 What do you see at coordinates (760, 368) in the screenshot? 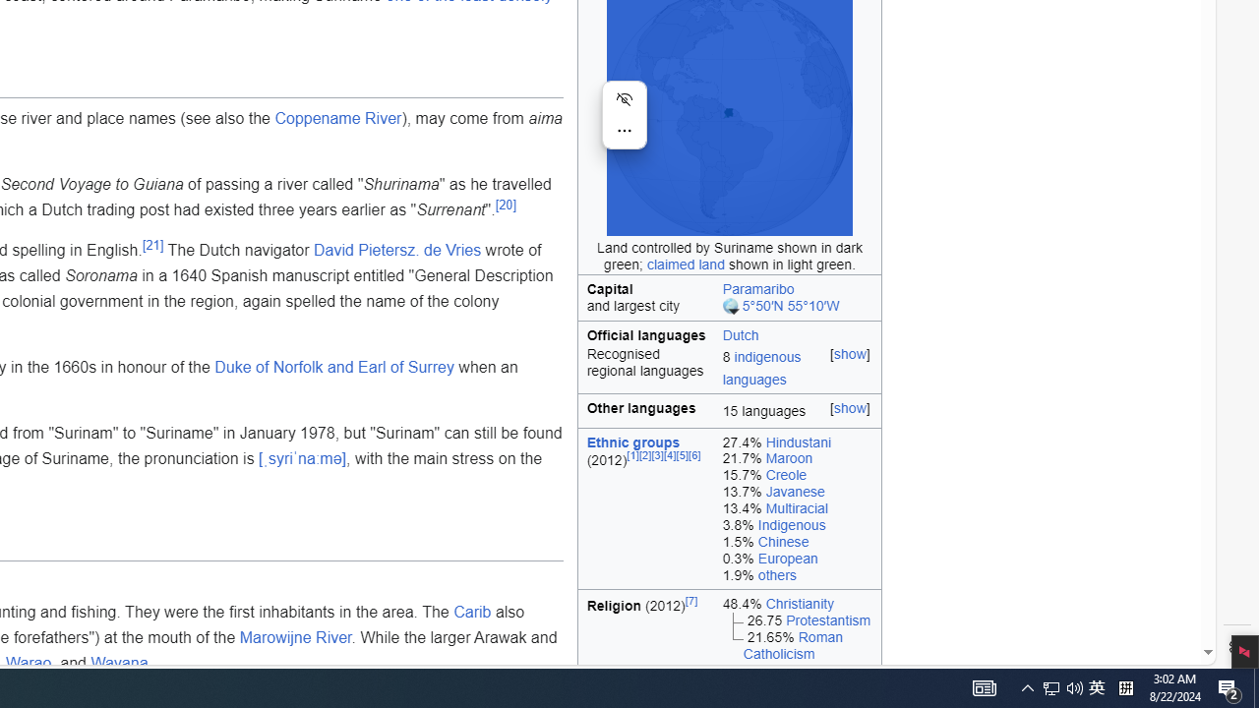
I see `'indigenous languages'` at bounding box center [760, 368].